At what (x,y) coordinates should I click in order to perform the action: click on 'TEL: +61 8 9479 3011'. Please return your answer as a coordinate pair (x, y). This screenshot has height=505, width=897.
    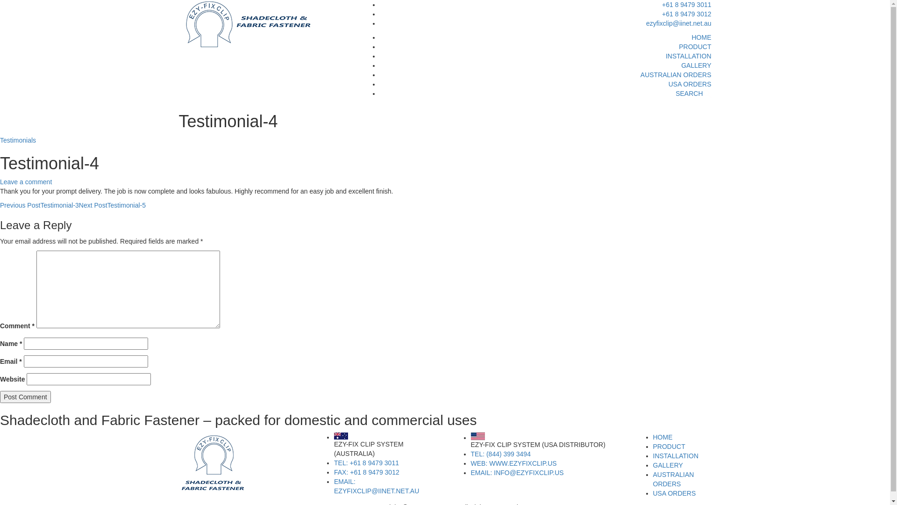
    Looking at the image, I should click on (366, 463).